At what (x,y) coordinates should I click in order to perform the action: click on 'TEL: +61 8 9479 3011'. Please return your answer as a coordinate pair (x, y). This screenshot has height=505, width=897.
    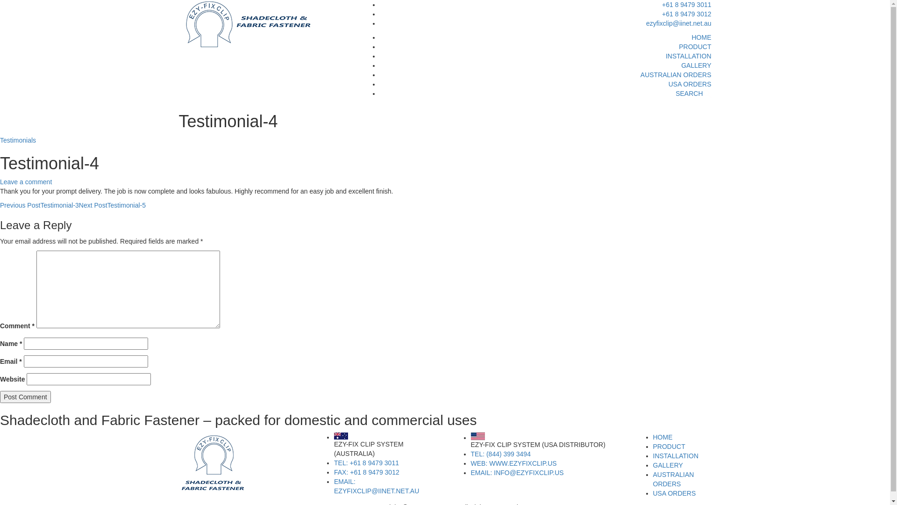
    Looking at the image, I should click on (366, 463).